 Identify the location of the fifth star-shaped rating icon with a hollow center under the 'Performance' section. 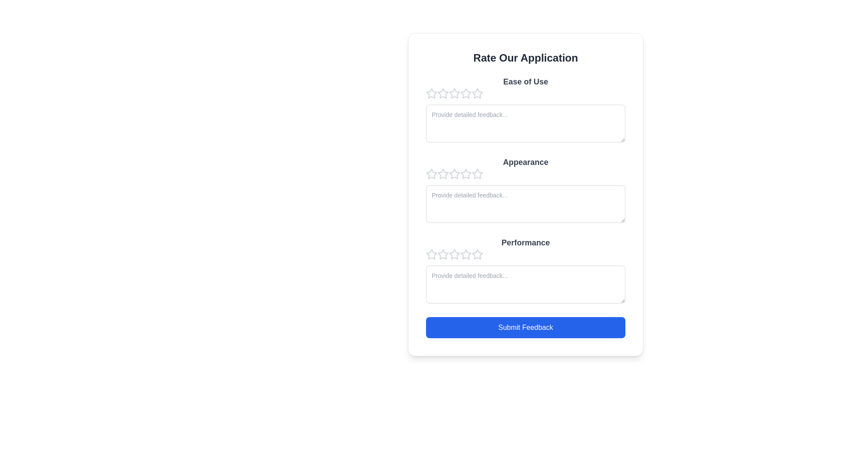
(466, 254).